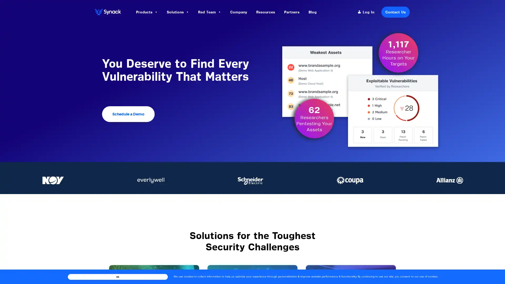 This screenshot has height=284, width=505. What do you see at coordinates (117, 276) in the screenshot?
I see `OK` at bounding box center [117, 276].